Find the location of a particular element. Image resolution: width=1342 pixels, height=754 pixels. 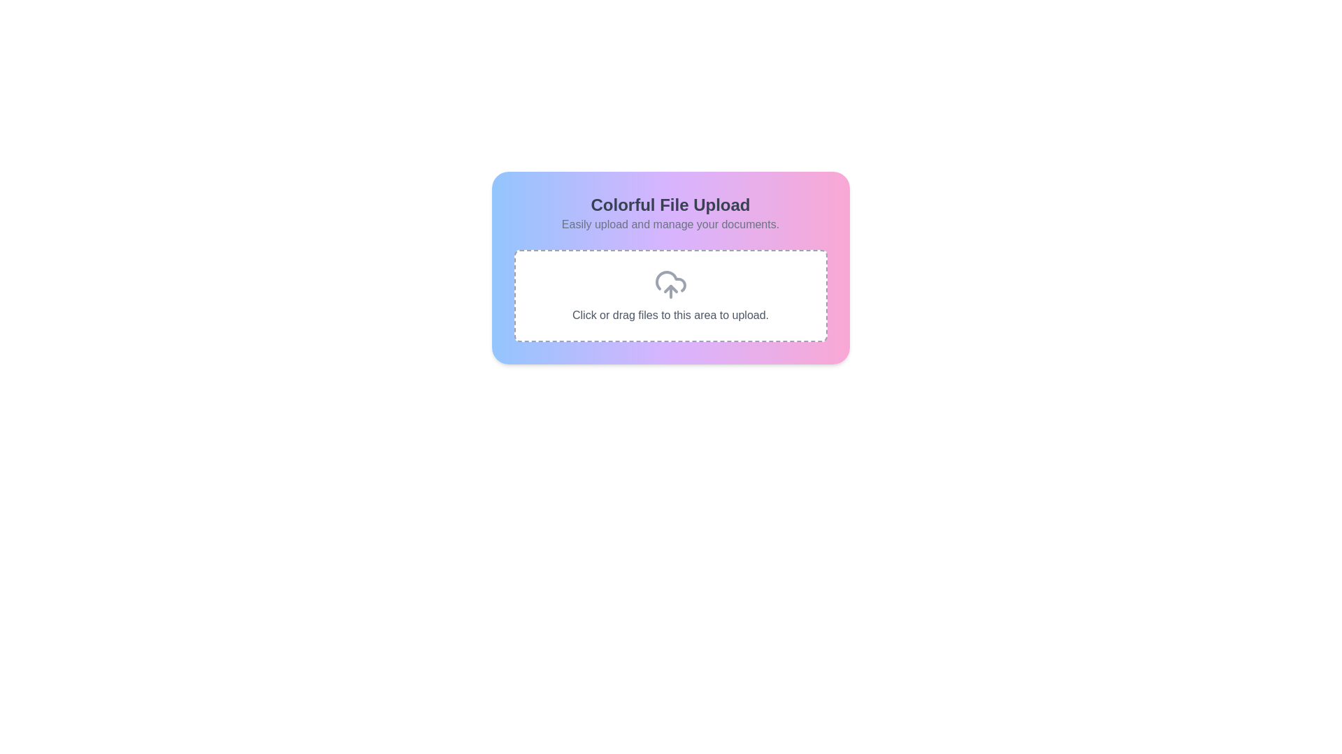

and drop files onto the Interactive upload zone featuring a colorful gradient background and the title 'Colorful File Upload' for uploading files is located at coordinates (670, 268).